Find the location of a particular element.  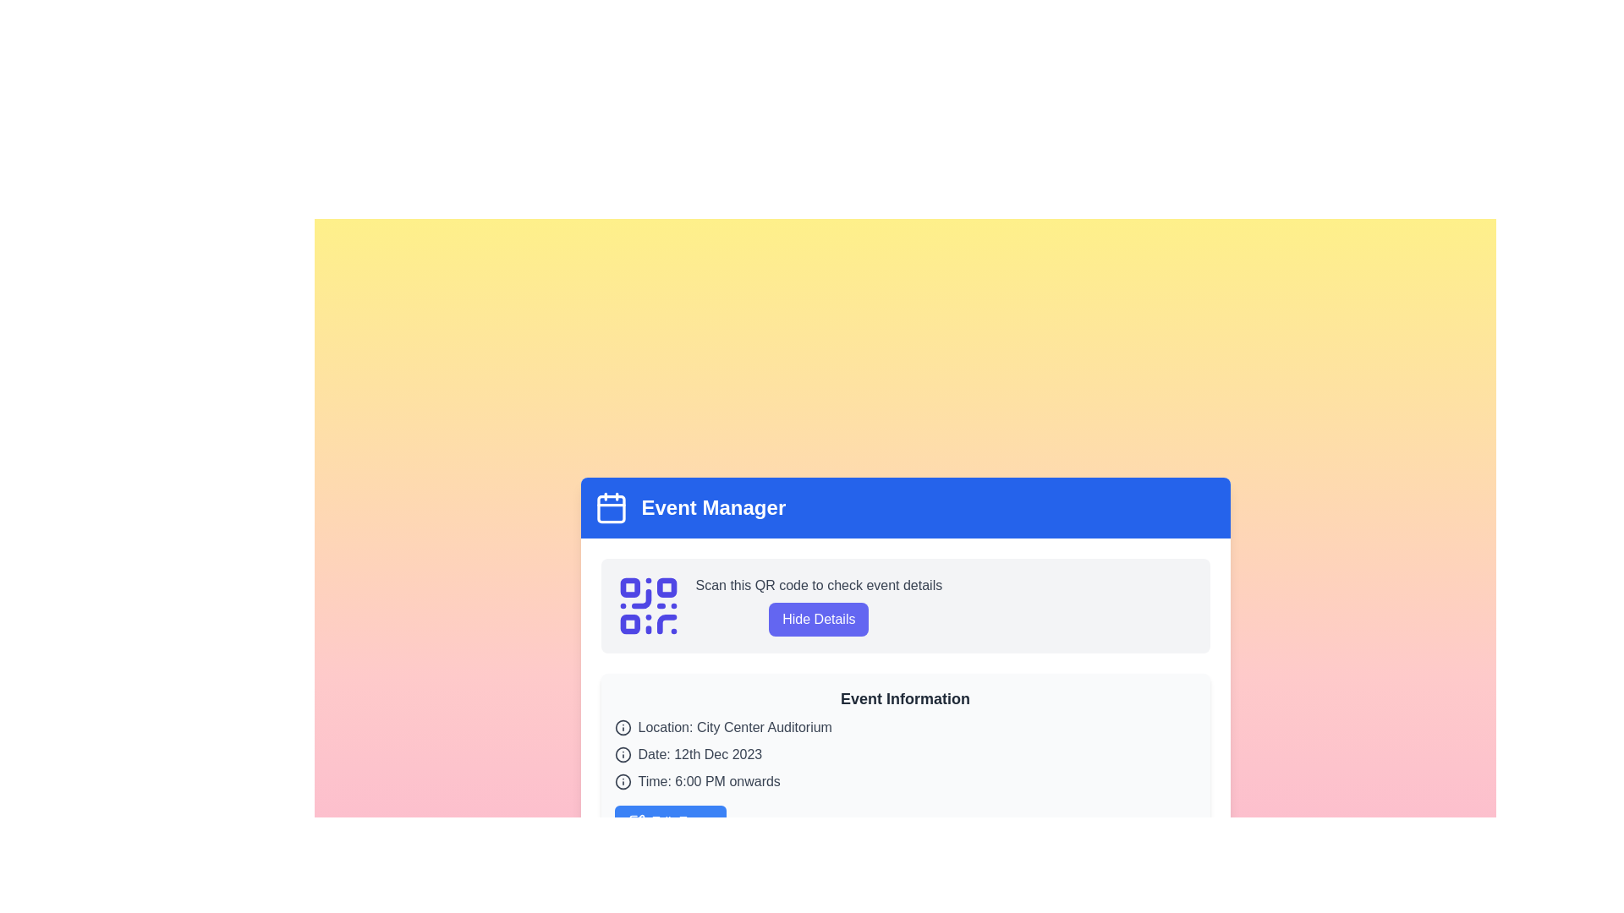

the circle graphic element within the SVG that is styled in a monochromatic scheme, located in a section displaying event details is located at coordinates (622, 754).